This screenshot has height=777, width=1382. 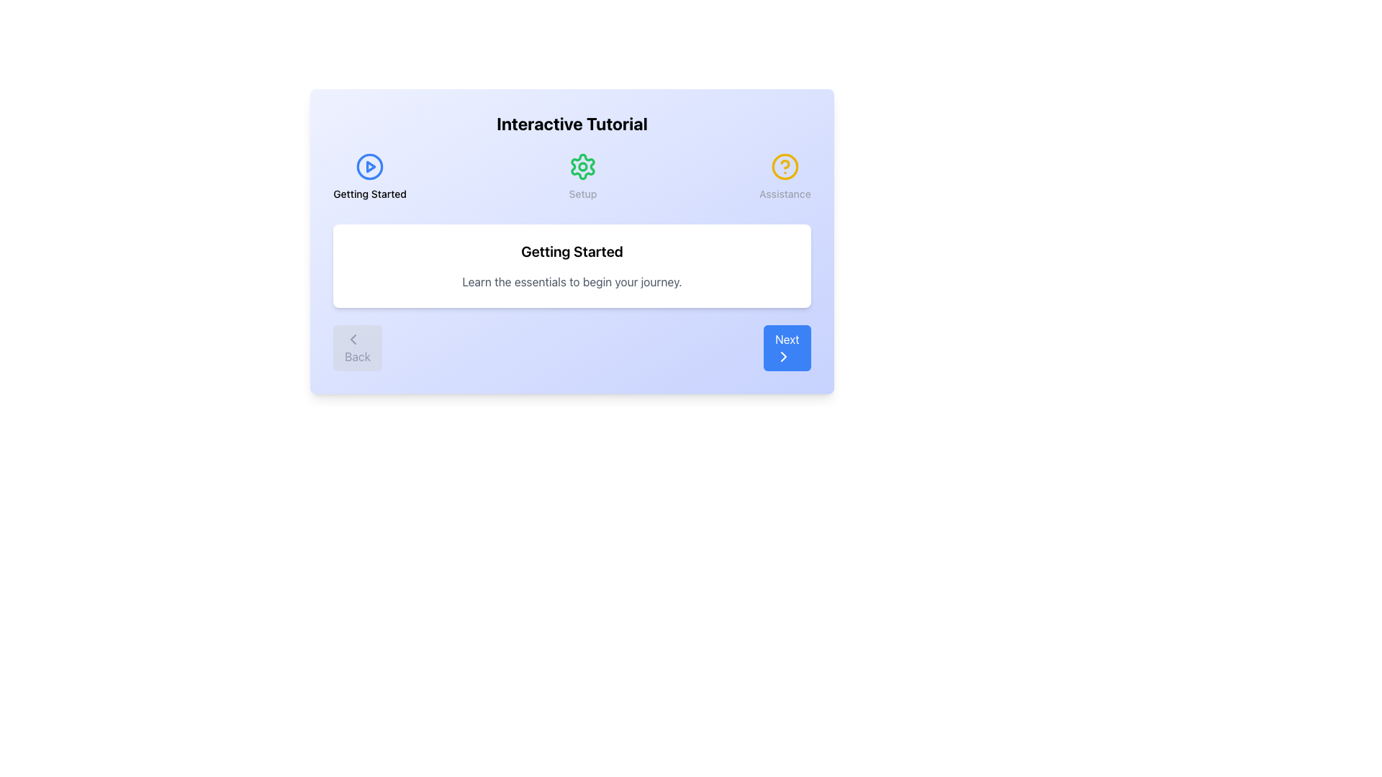 What do you see at coordinates (583, 165) in the screenshot?
I see `the green cogwheel icon located centrally above the 'Setup' label in the 'Interactive Tutorial' interface` at bounding box center [583, 165].